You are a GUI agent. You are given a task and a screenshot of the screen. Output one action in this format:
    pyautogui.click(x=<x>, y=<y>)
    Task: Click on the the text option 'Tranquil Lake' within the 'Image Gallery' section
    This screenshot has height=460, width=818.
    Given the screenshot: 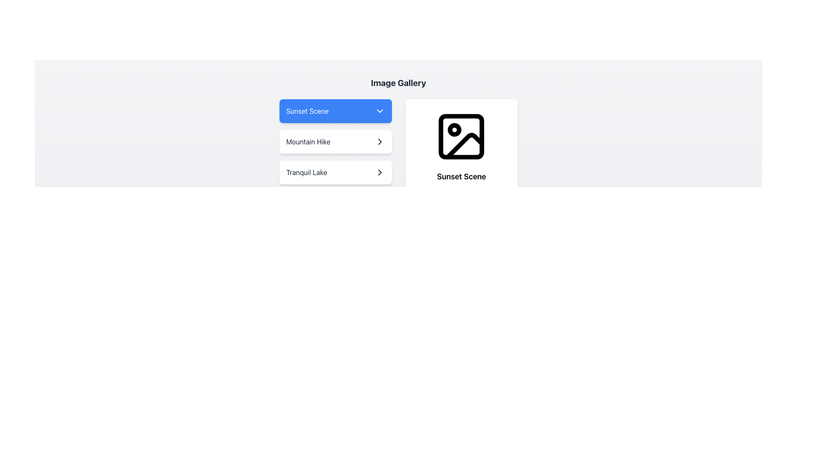 What is the action you would take?
    pyautogui.click(x=306, y=172)
    